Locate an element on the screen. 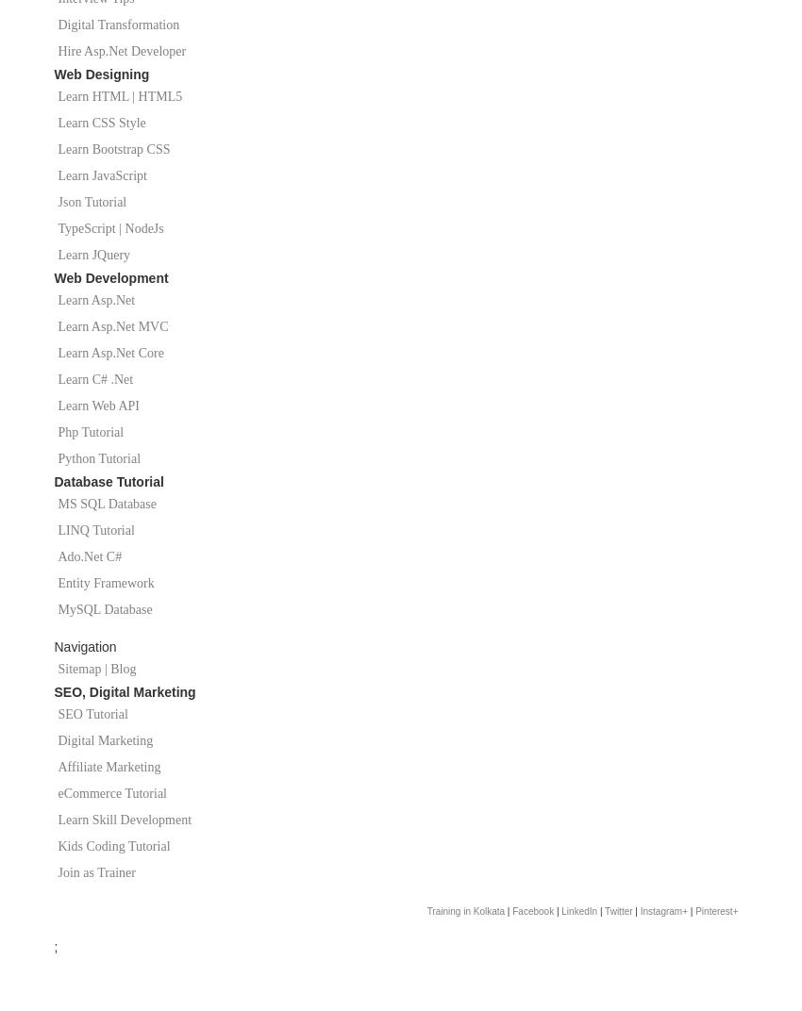 The width and height of the screenshot is (802, 1011). 'Facebook' is located at coordinates (532, 910).